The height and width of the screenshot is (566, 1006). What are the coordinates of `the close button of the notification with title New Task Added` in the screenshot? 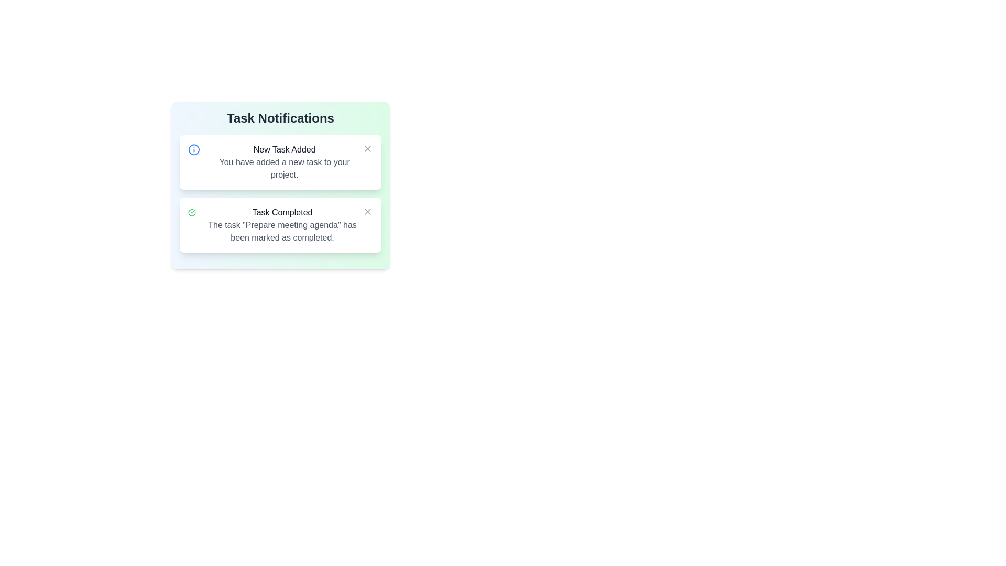 It's located at (367, 149).